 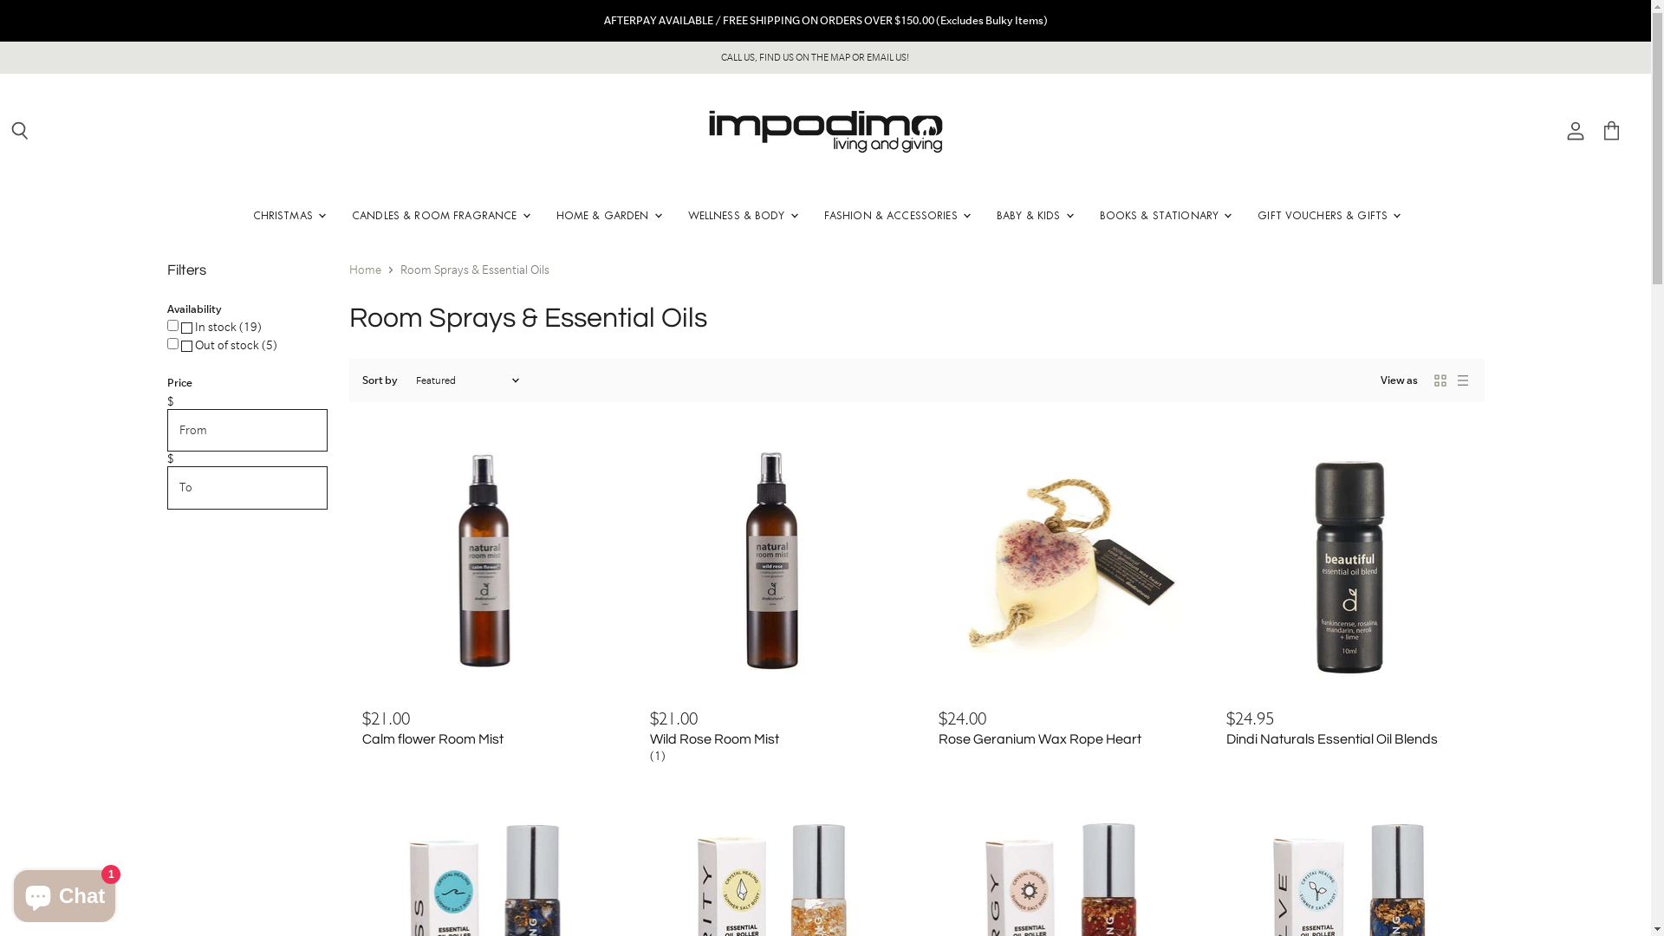 What do you see at coordinates (543, 214) in the screenshot?
I see `'HOME & GARDEN'` at bounding box center [543, 214].